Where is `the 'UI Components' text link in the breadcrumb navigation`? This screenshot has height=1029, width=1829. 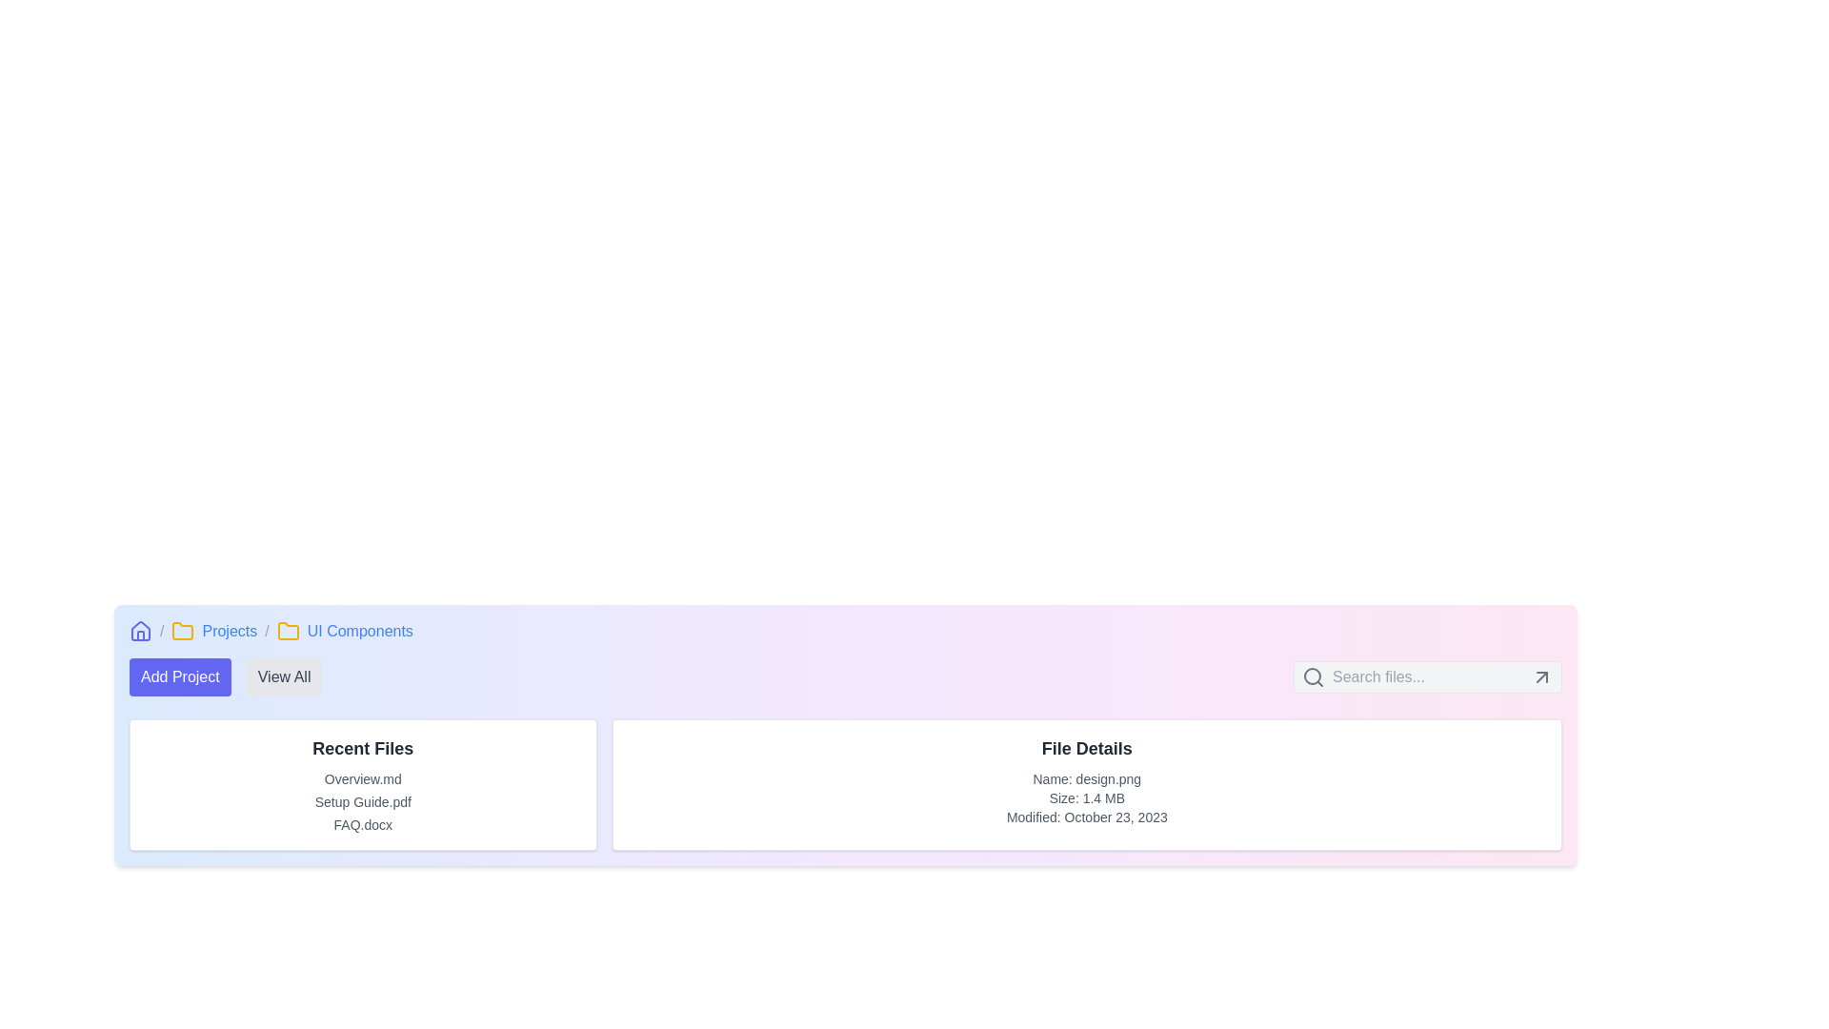
the 'UI Components' text link in the breadcrumb navigation is located at coordinates (360, 632).